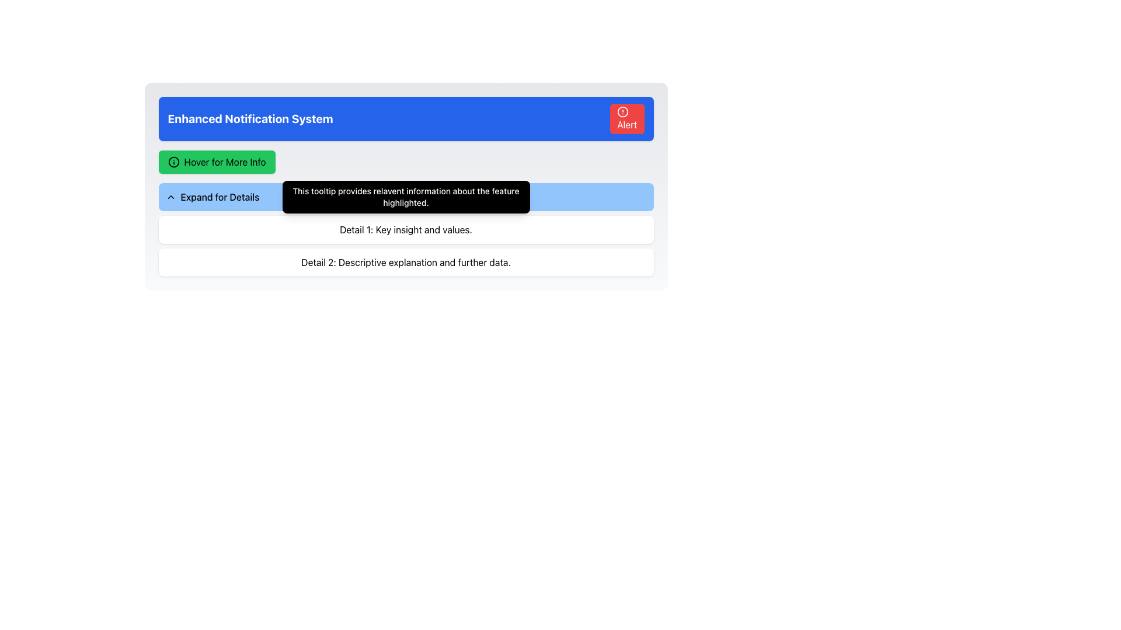 The width and height of the screenshot is (1121, 630). Describe the element at coordinates (170, 197) in the screenshot. I see `the visual state of the small, downward-facing chevron icon located to the left of the 'Expand for Details' text` at that location.